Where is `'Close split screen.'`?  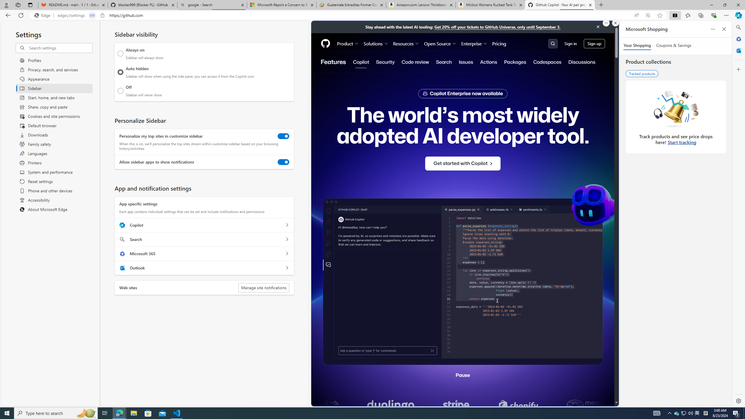
'Close split screen.' is located at coordinates (615, 23).